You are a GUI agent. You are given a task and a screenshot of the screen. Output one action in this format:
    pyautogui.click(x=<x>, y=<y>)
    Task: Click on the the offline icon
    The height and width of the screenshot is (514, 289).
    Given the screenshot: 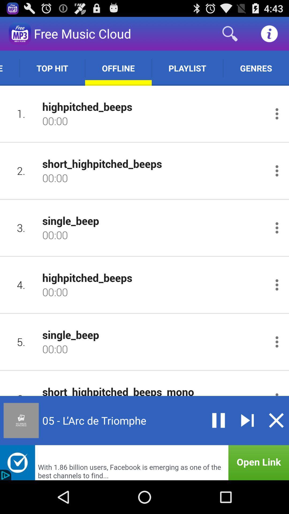 What is the action you would take?
    pyautogui.click(x=118, y=68)
    